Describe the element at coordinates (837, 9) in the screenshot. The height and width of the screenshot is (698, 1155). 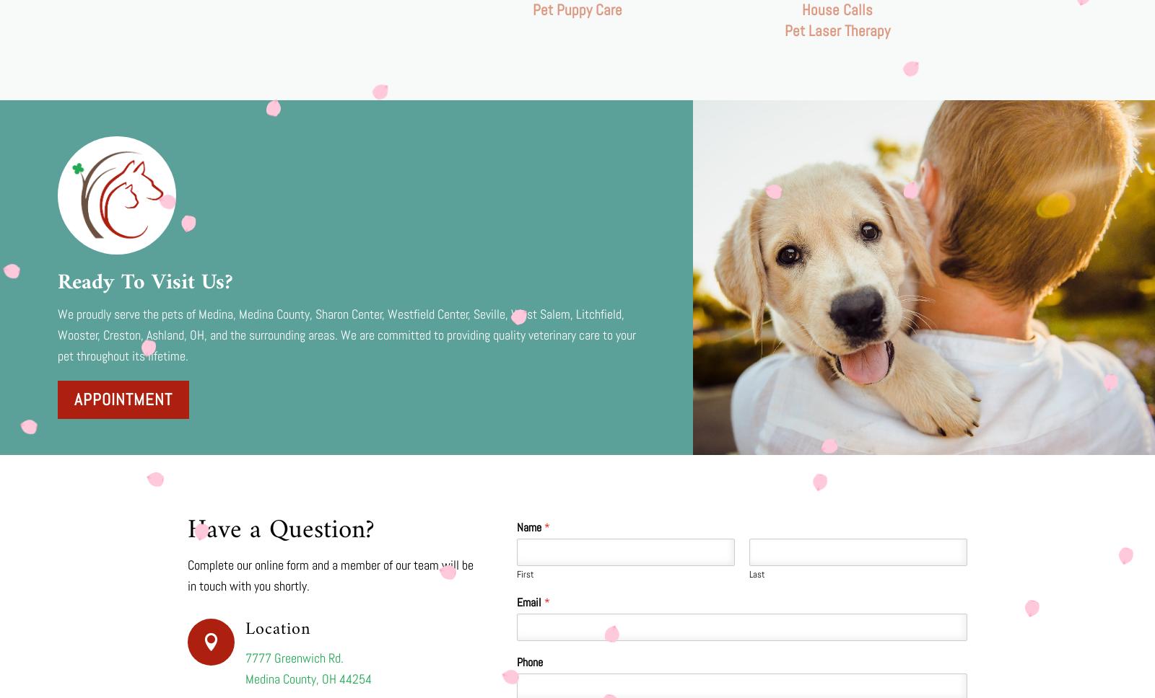
I see `'House Calls'` at that location.